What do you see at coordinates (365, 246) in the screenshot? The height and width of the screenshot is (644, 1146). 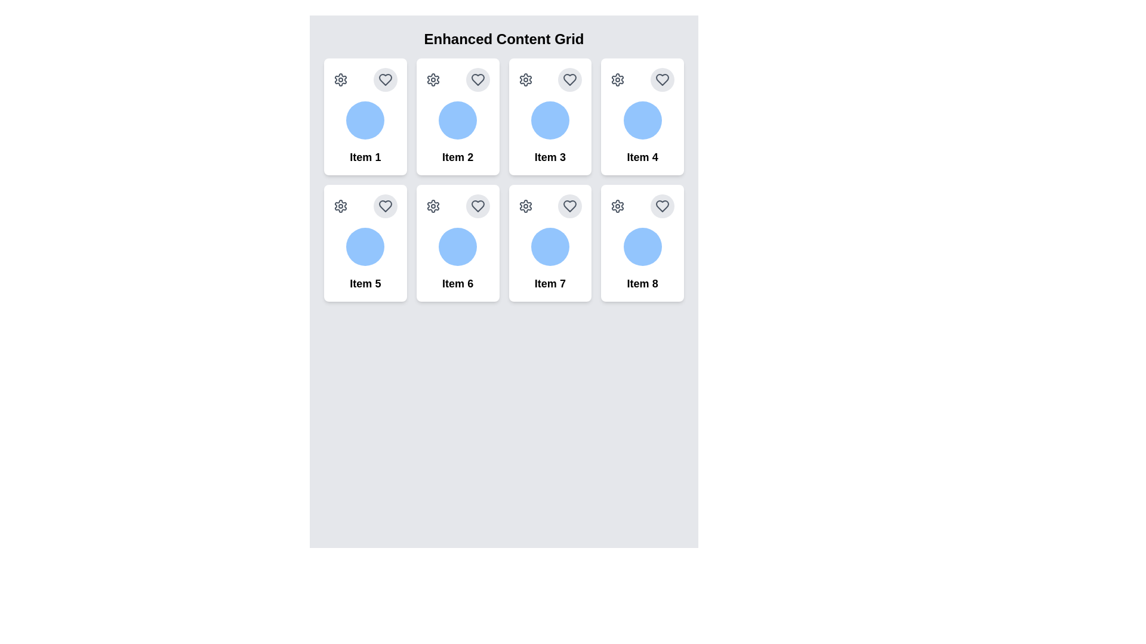 I see `the circular graphic element with a light blue background located in the middle lower section of the 'Item 5' card` at bounding box center [365, 246].